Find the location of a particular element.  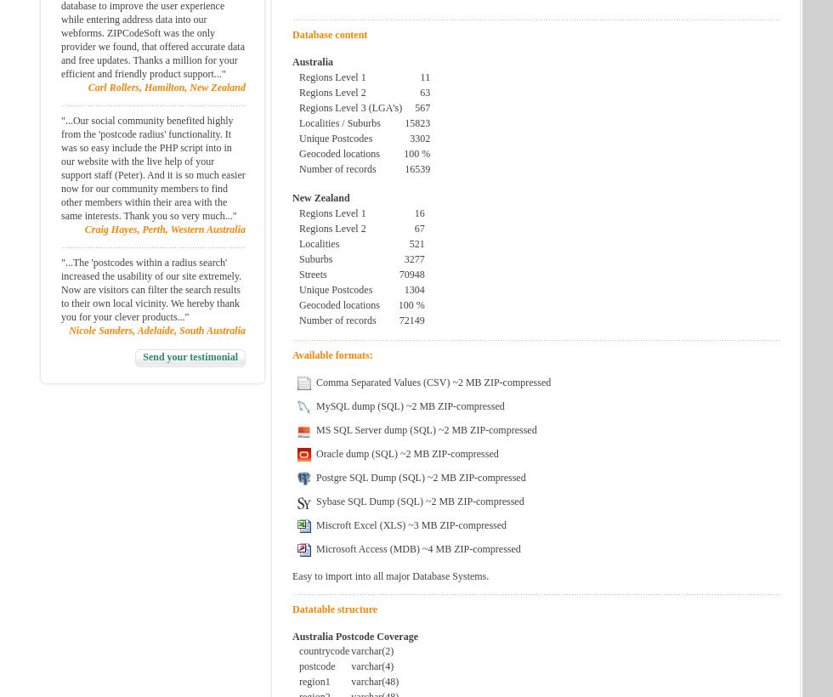

'Craig Hayes, Perth, Western Australia' is located at coordinates (83, 228).